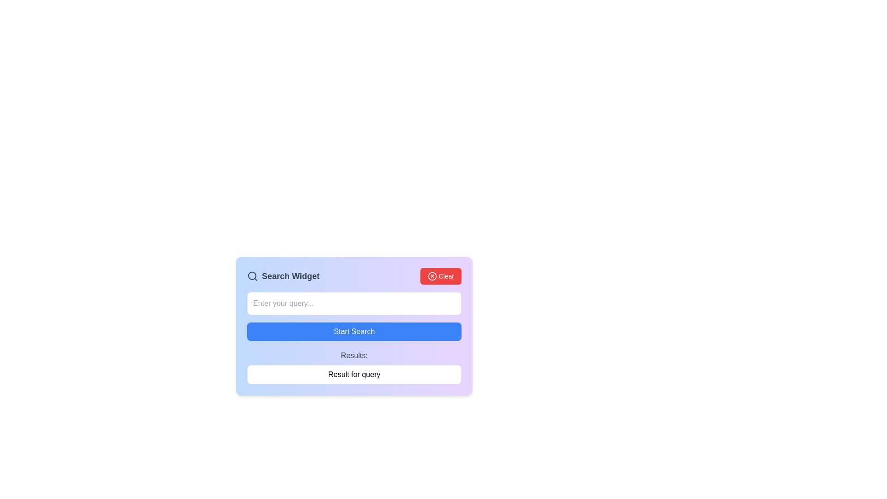  What do you see at coordinates (253, 275) in the screenshot?
I see `the magnifying glass icon located to the left of the 'Search Widget' text in the title bar of the search widget interface` at bounding box center [253, 275].